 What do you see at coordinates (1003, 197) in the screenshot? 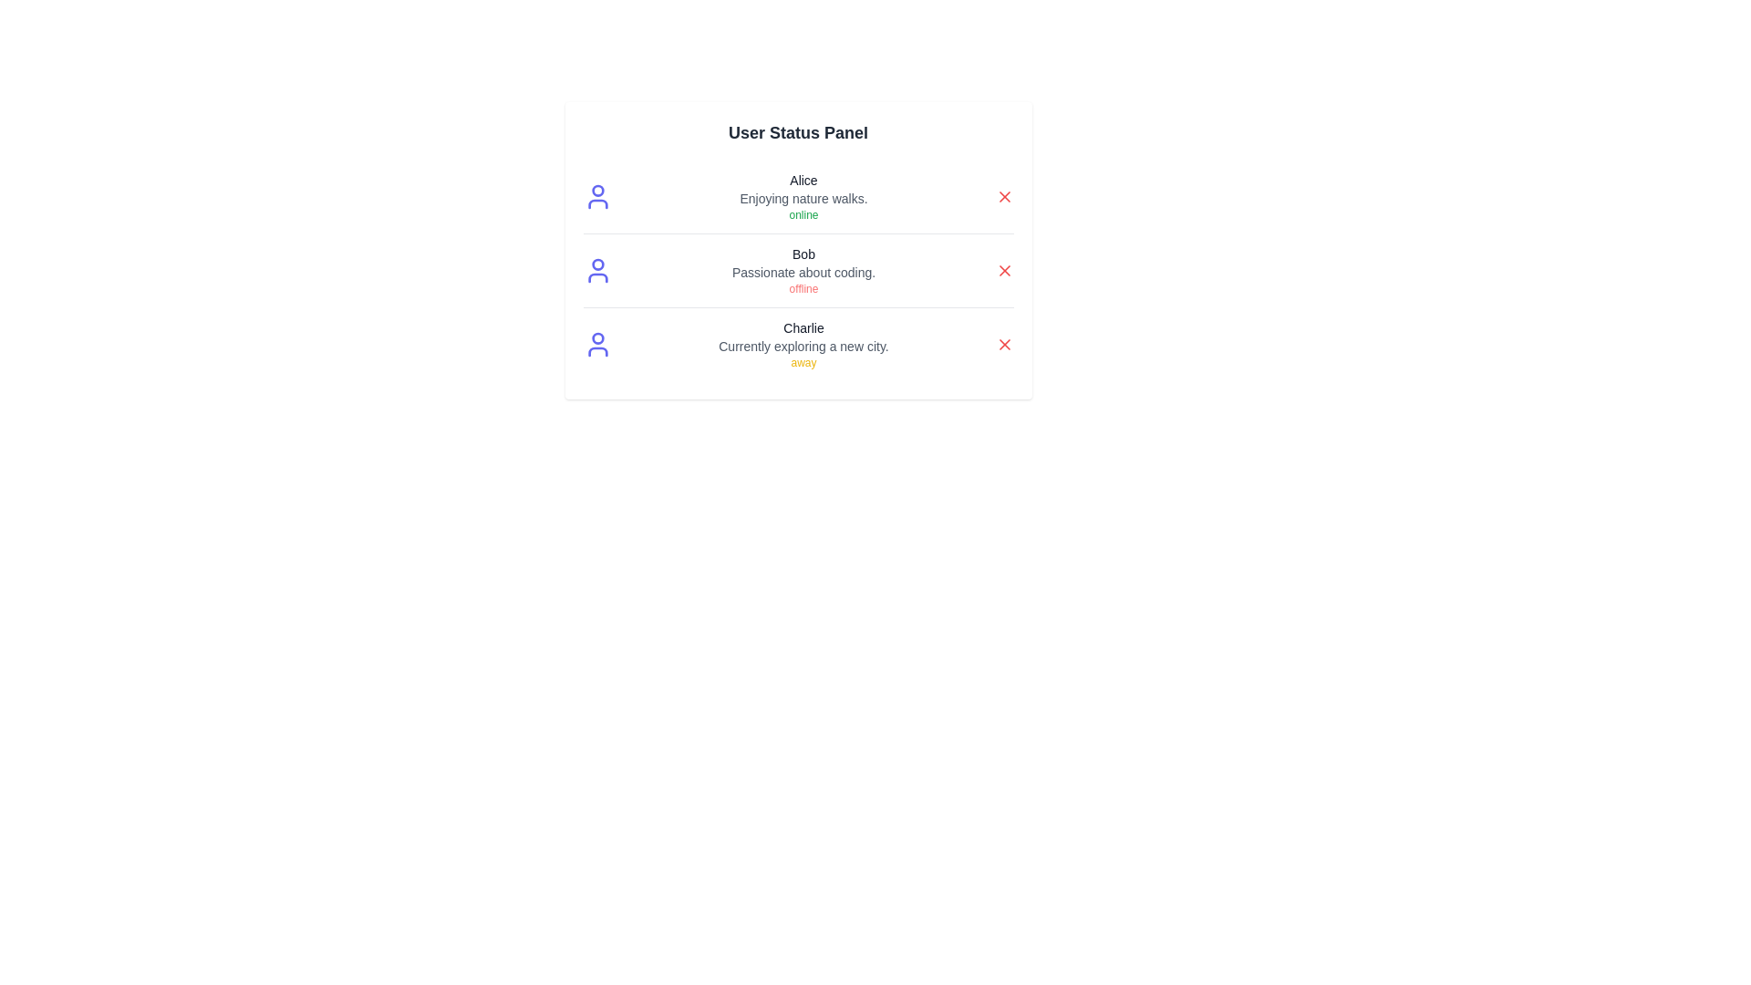
I see `the 'X' SVG icon button located to the extreme right of the first row, adjacent to the text describing 'Alice'` at bounding box center [1003, 197].